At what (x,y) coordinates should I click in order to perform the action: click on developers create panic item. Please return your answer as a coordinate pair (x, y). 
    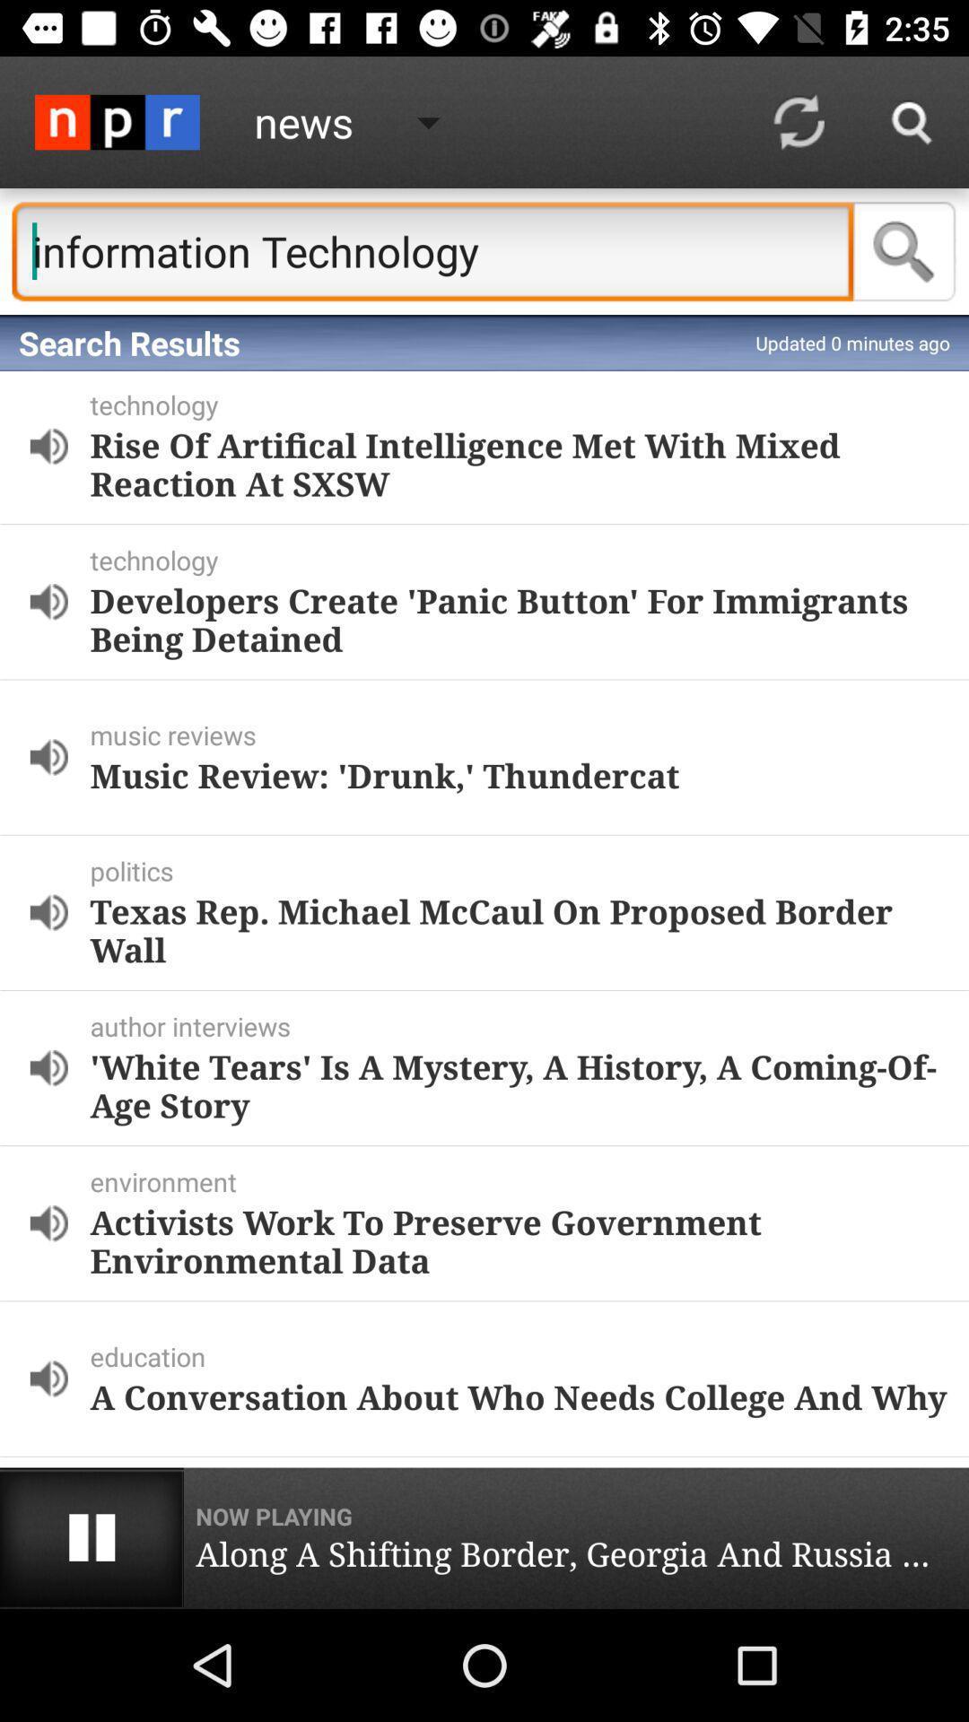
    Looking at the image, I should click on (519, 619).